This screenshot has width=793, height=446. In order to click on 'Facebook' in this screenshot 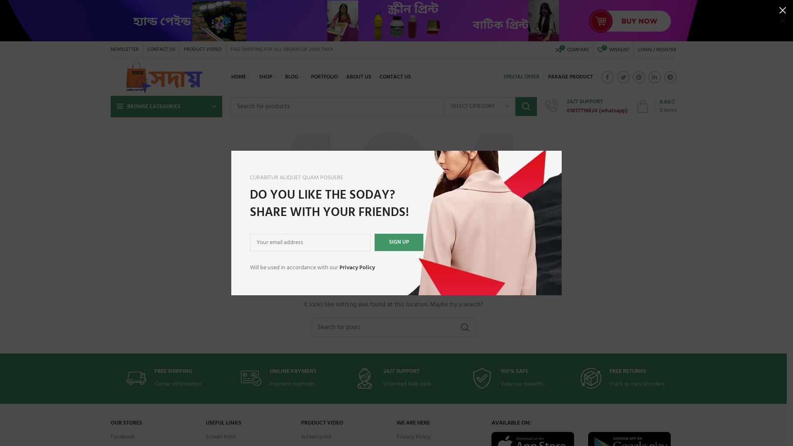, I will do `click(110, 437)`.